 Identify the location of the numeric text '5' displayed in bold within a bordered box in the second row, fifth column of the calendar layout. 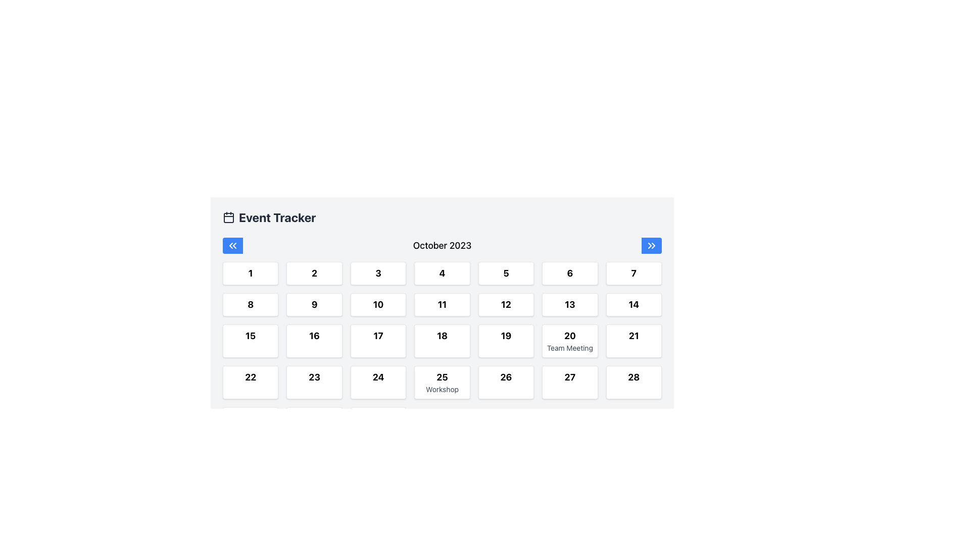
(506, 274).